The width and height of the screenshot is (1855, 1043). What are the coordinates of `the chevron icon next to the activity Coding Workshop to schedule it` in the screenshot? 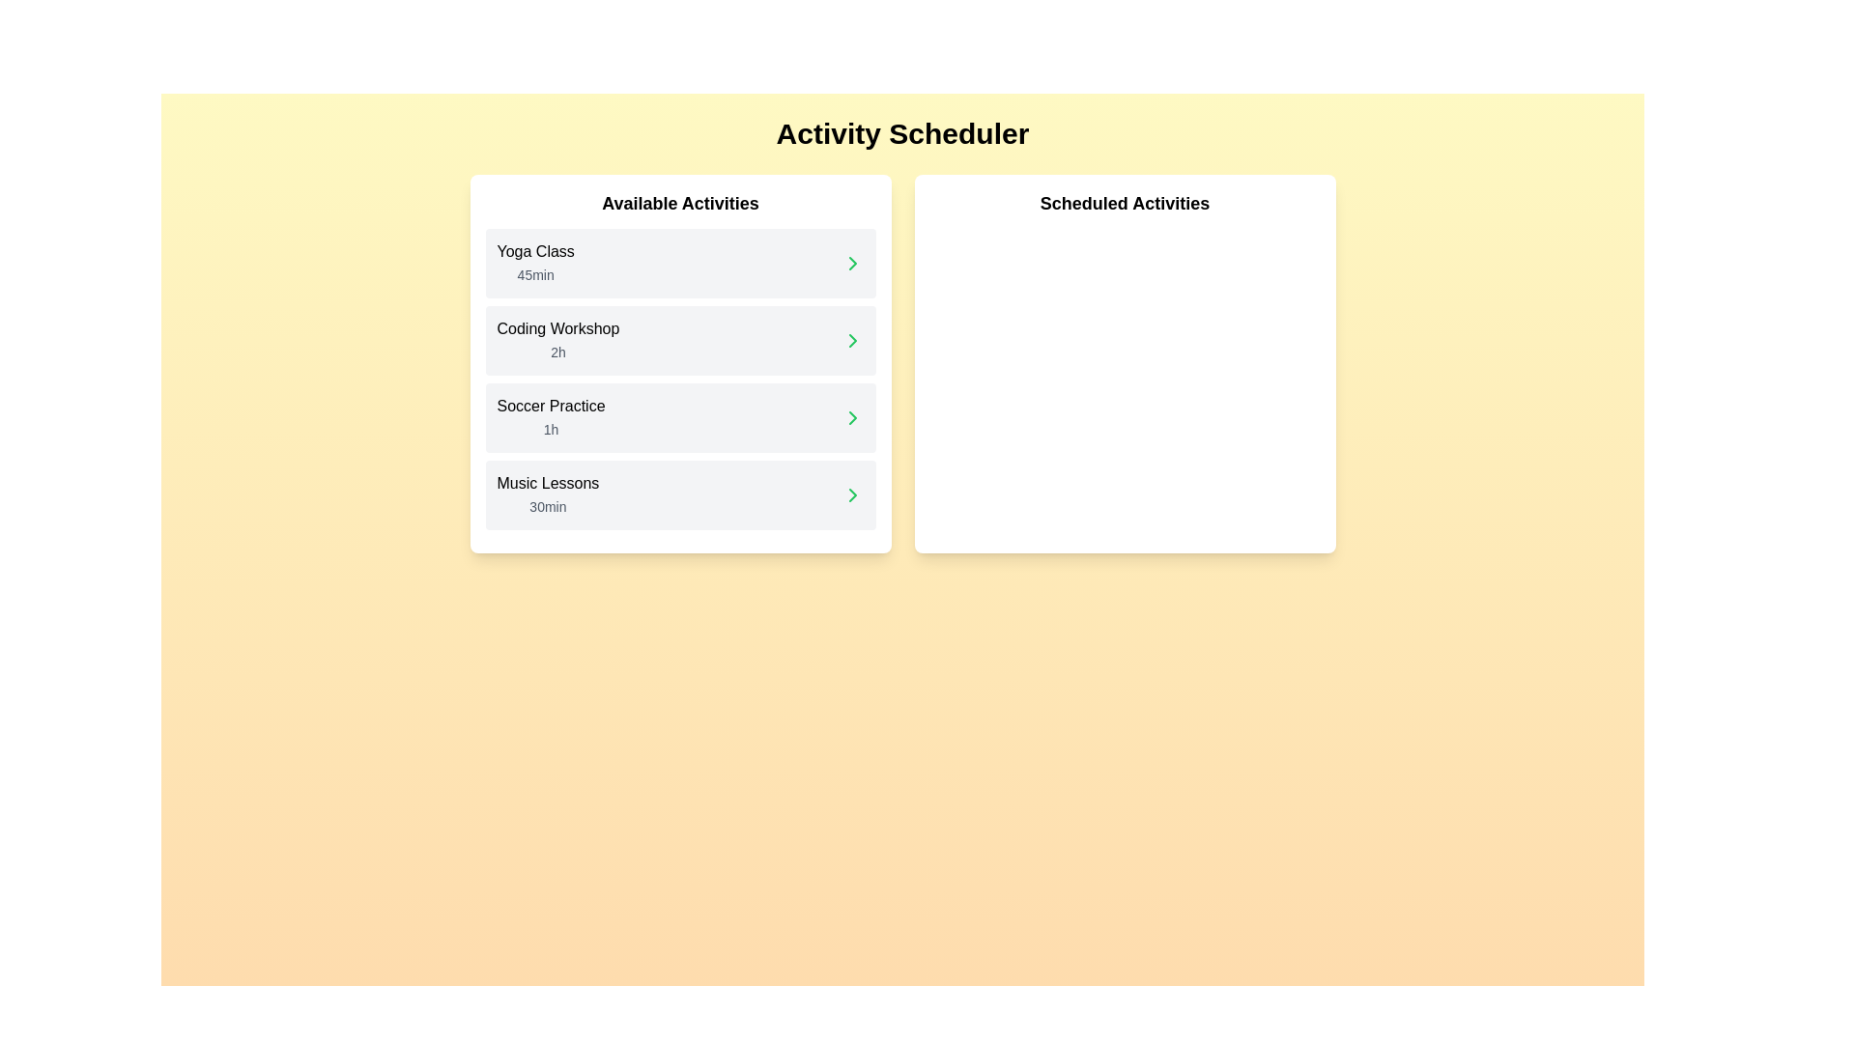 It's located at (851, 340).